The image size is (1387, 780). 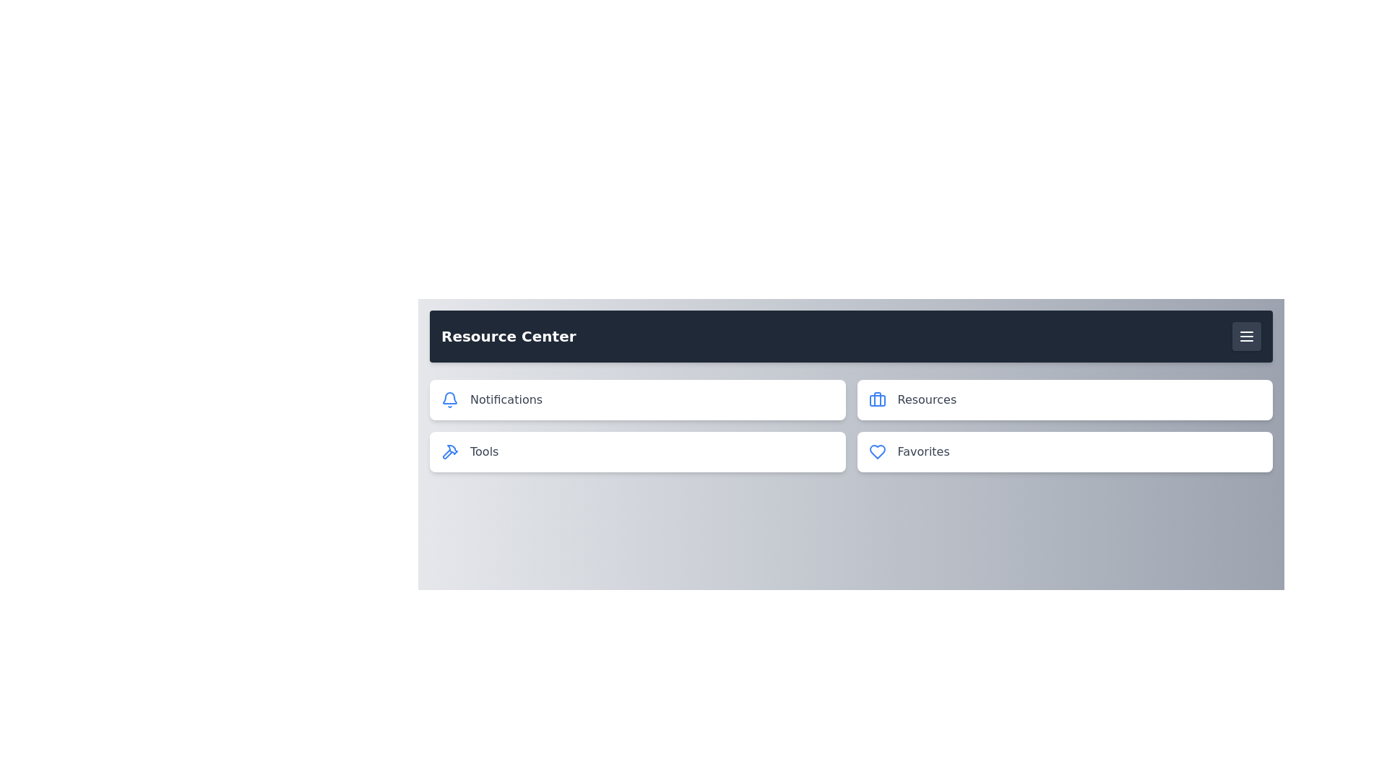 I want to click on the Notifications menu item, so click(x=636, y=400).